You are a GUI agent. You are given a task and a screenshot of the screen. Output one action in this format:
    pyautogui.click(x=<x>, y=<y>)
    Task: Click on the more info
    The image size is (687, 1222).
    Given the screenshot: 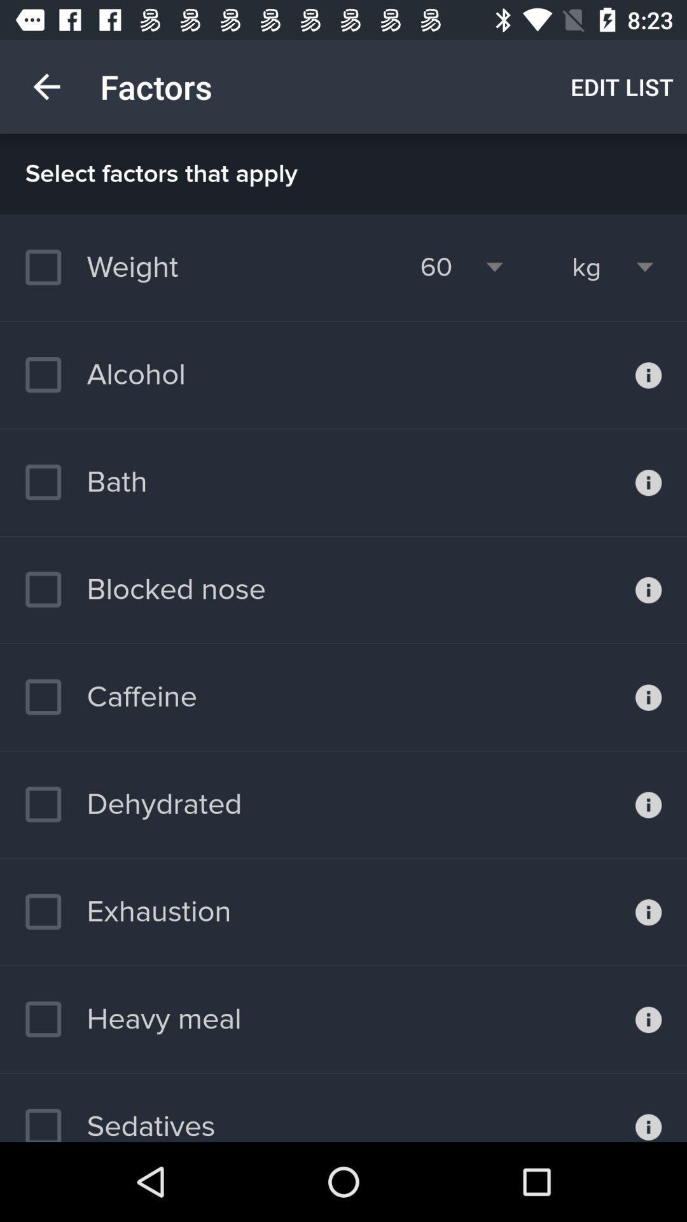 What is the action you would take?
    pyautogui.click(x=648, y=482)
    